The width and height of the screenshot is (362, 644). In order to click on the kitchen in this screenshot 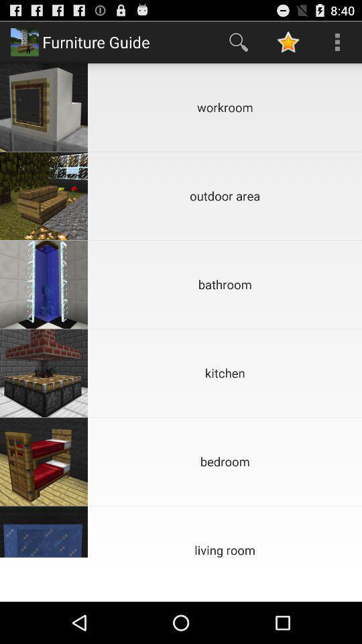, I will do `click(225, 373)`.